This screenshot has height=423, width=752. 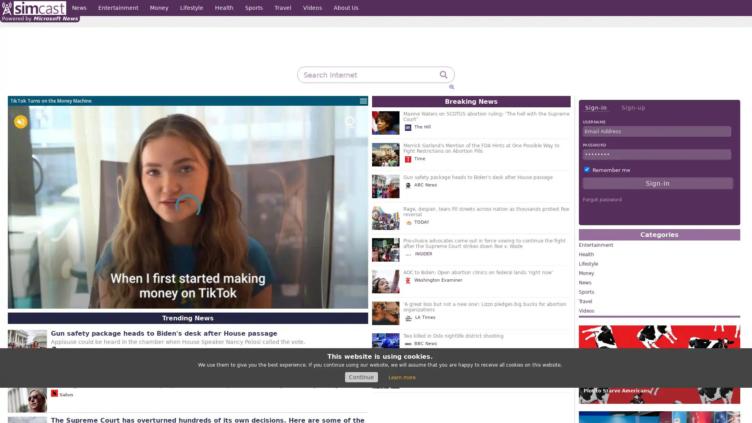 What do you see at coordinates (361, 377) in the screenshot?
I see `Continue` at bounding box center [361, 377].